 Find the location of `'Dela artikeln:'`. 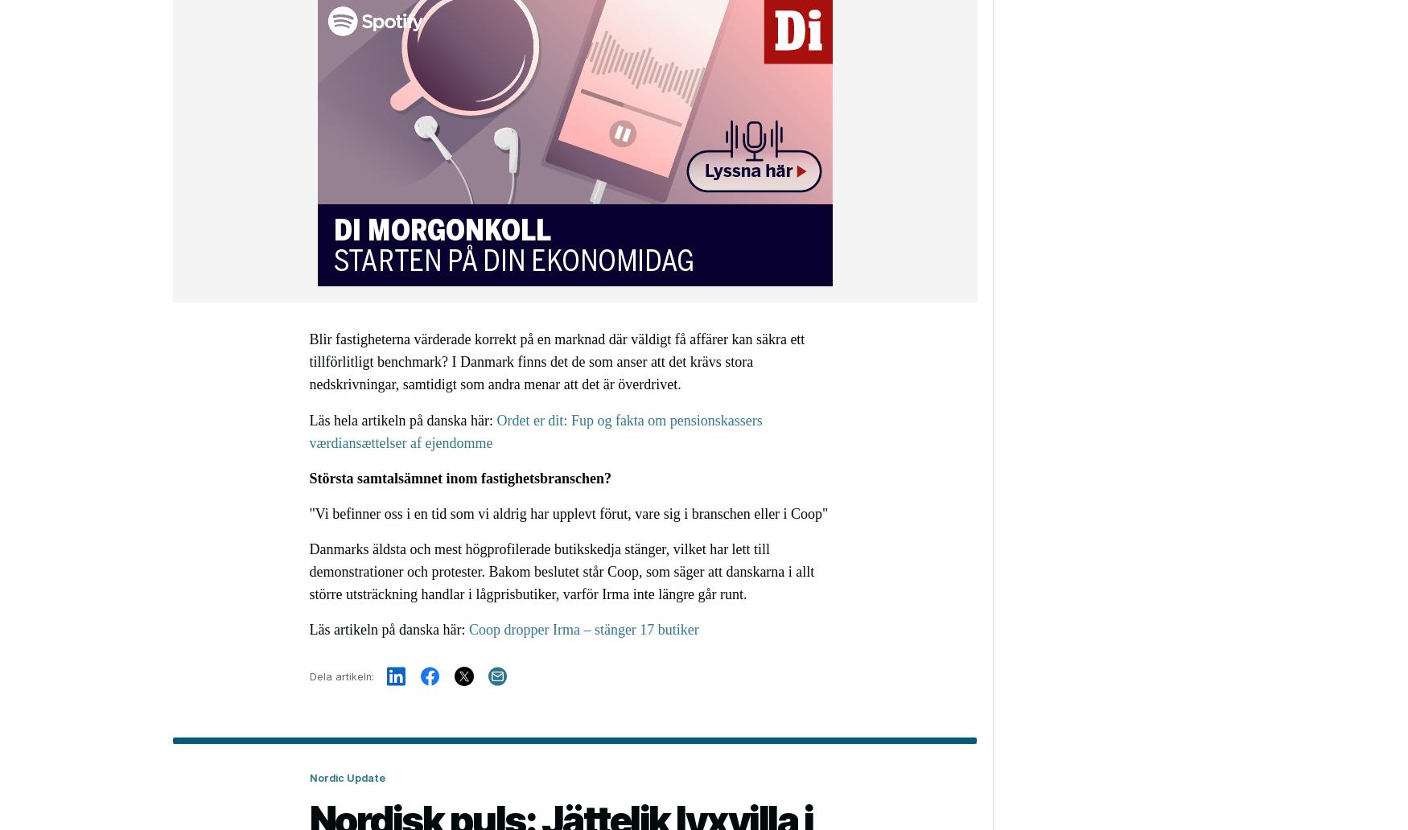

'Dela artikeln:' is located at coordinates (340, 676).